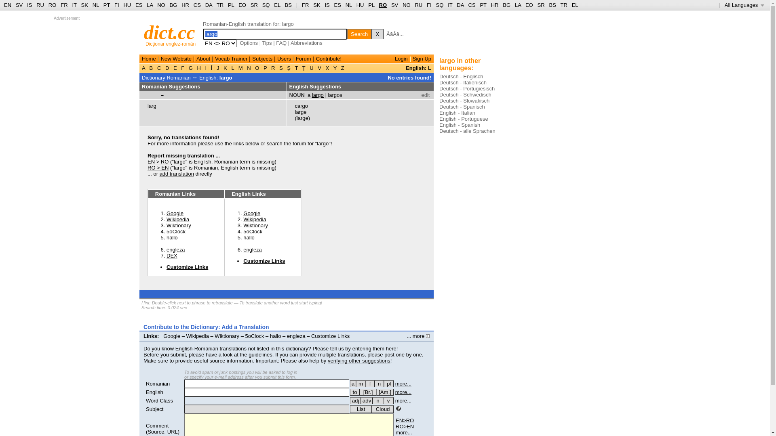 The width and height of the screenshot is (776, 436). I want to click on 'B', so click(151, 67).